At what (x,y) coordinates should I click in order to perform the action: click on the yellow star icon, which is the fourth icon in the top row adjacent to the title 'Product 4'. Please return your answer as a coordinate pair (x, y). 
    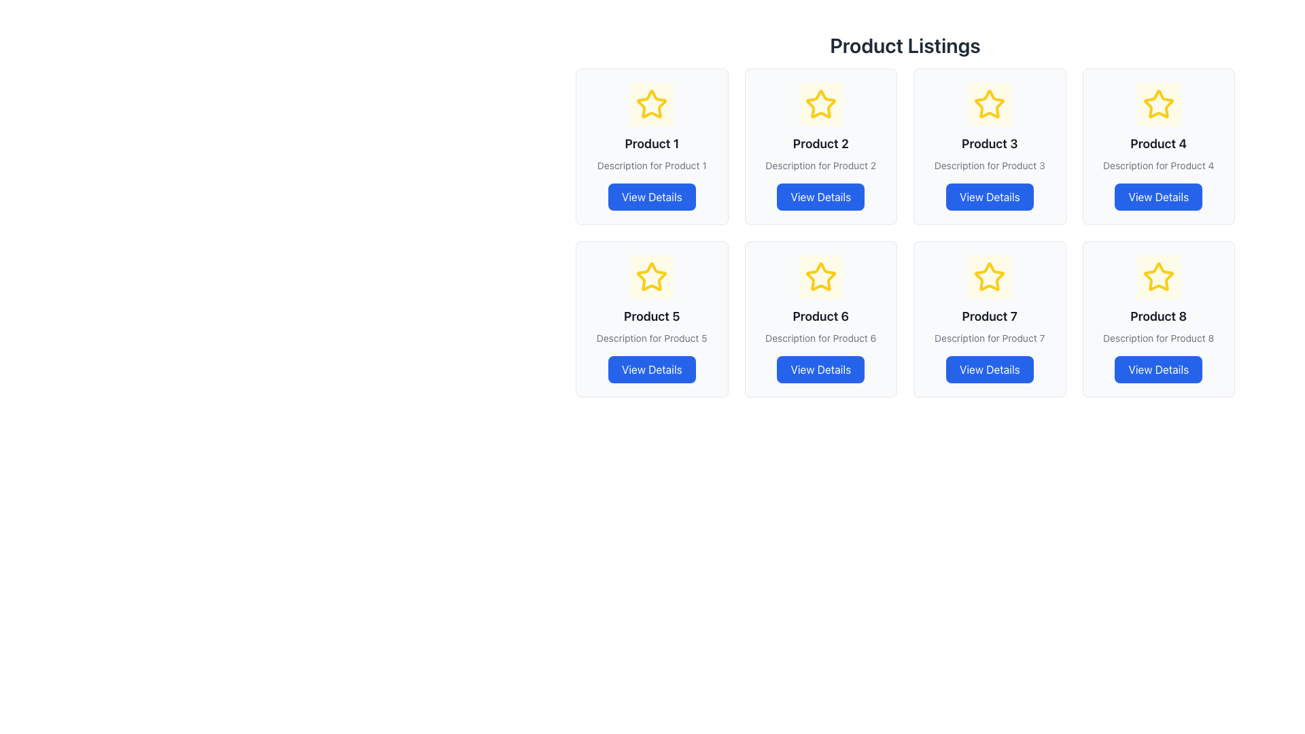
    Looking at the image, I should click on (1158, 103).